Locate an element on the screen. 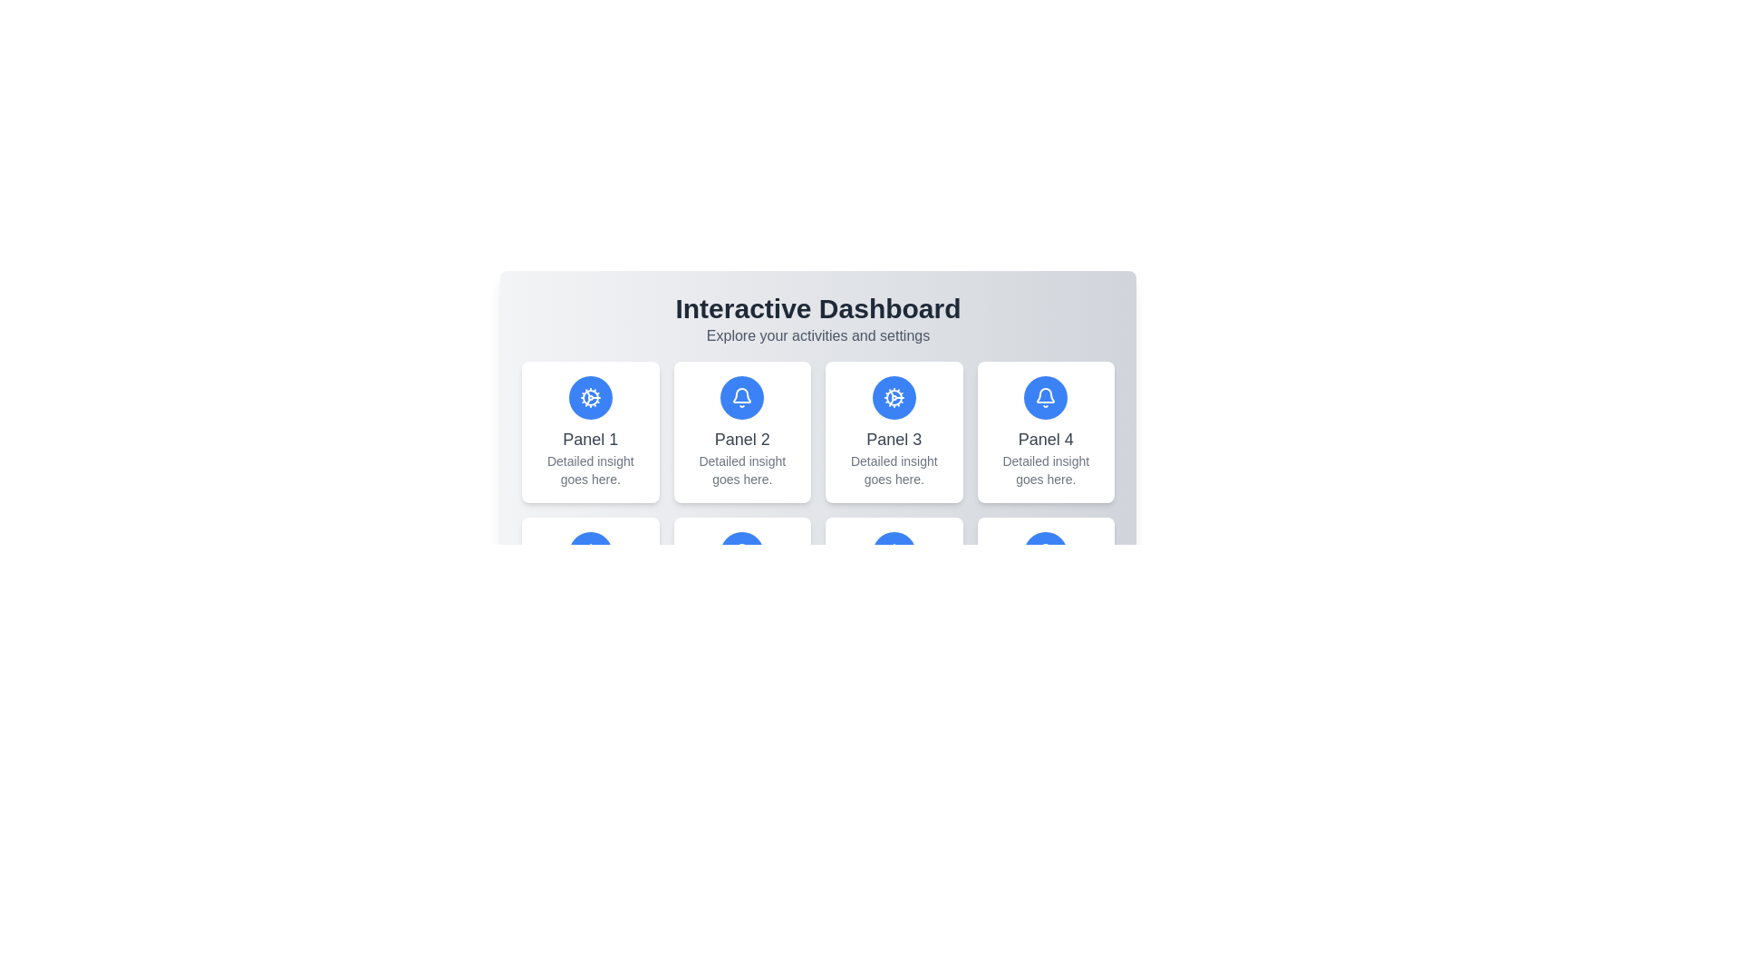 This screenshot has height=979, width=1740. the outer circle of the gear-shaped icon located above 'Panel 3', which is part of an icon set on the dashboard is located at coordinates (590, 397).